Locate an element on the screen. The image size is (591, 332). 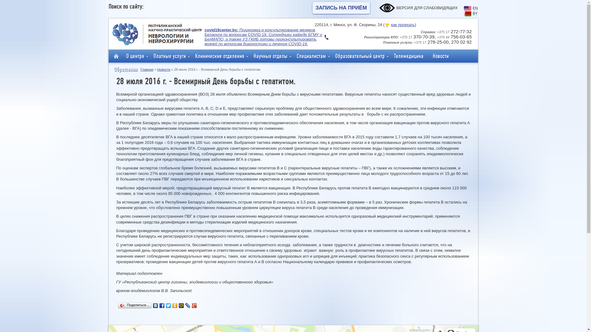
'LiveJournal' is located at coordinates (187, 306).